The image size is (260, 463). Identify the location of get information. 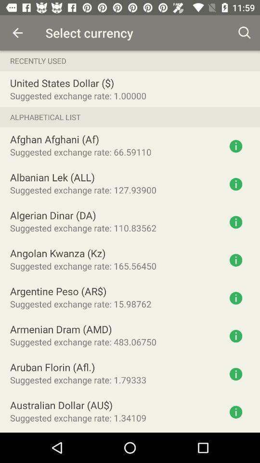
(235, 411).